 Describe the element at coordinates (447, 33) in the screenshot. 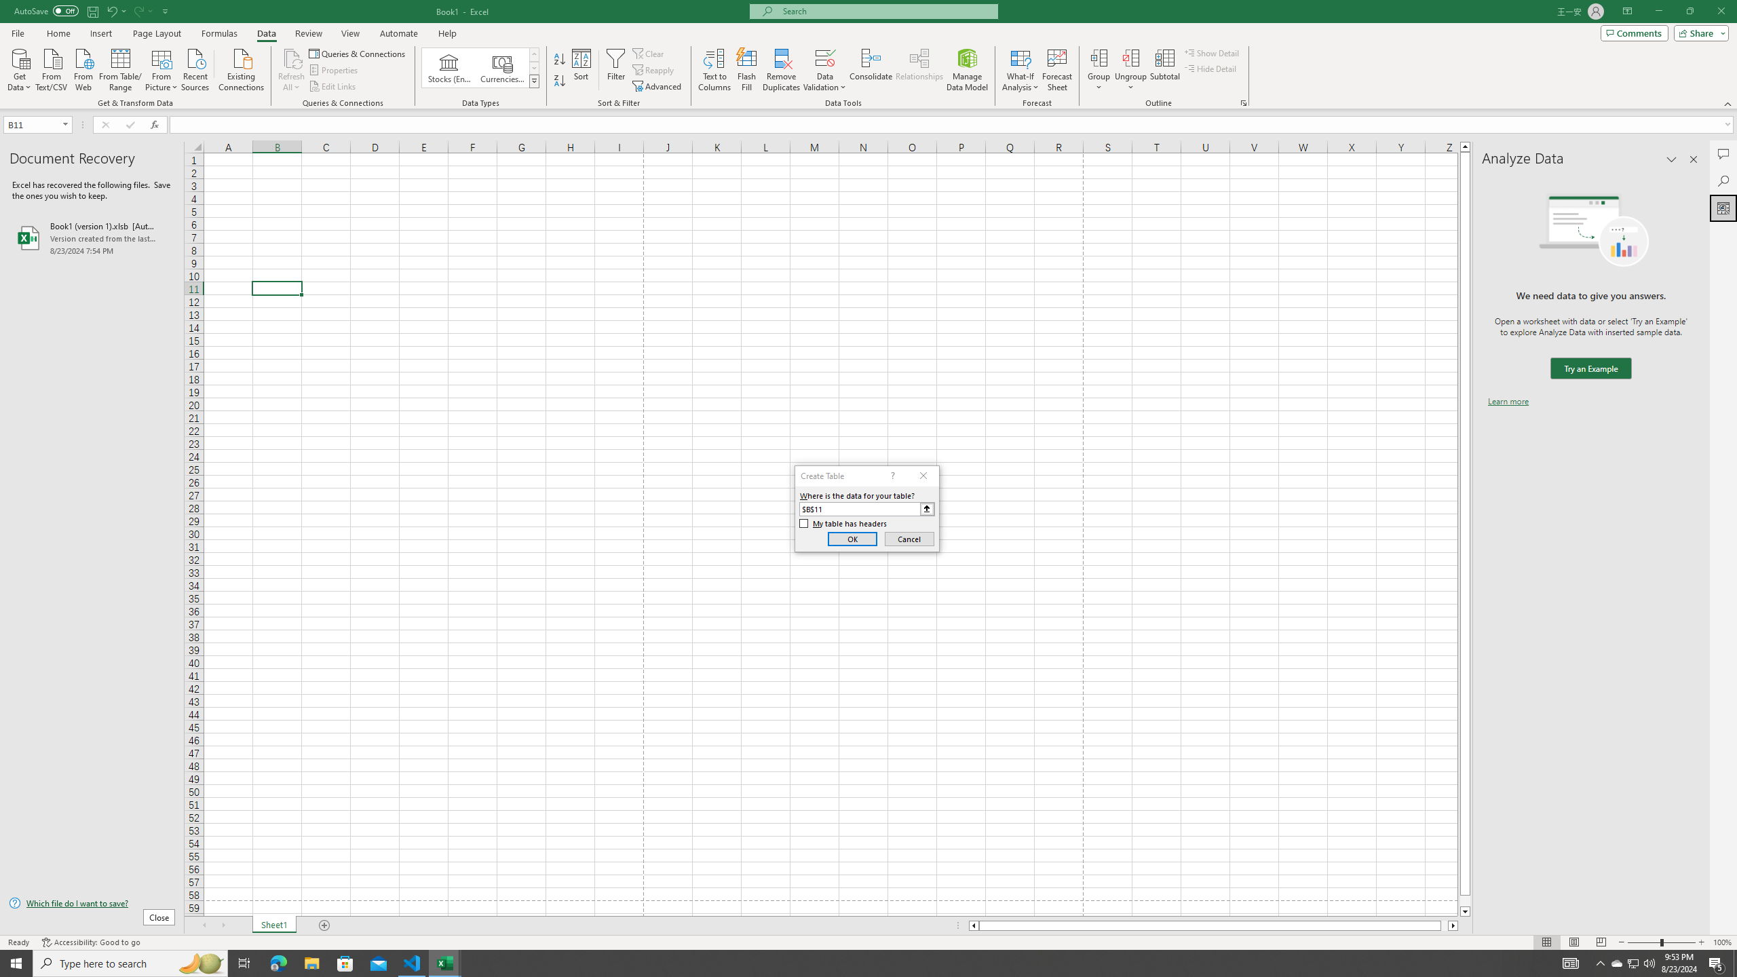

I see `'Help'` at that location.